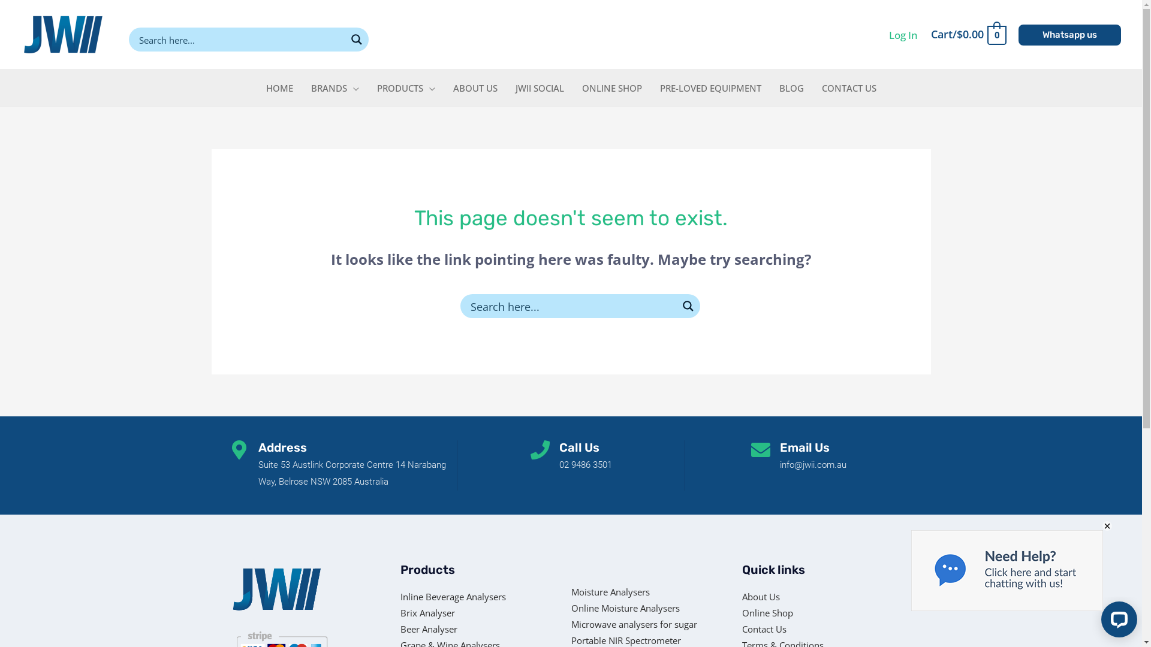 The width and height of the screenshot is (1151, 647). I want to click on 'Whatsapp us', so click(1069, 34).